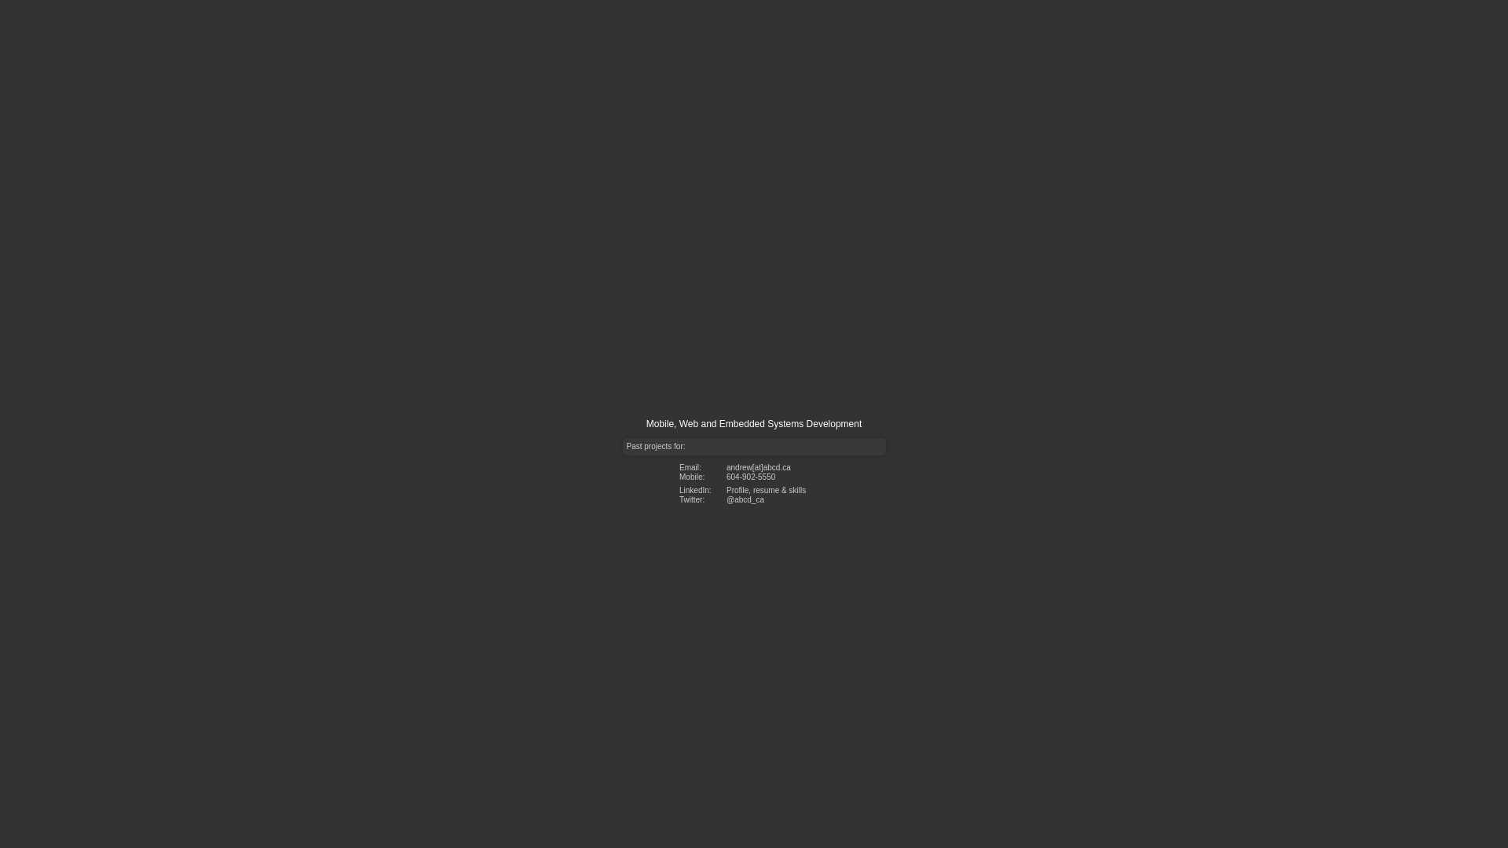  What do you see at coordinates (726, 489) in the screenshot?
I see `'Profile, resume & skills'` at bounding box center [726, 489].